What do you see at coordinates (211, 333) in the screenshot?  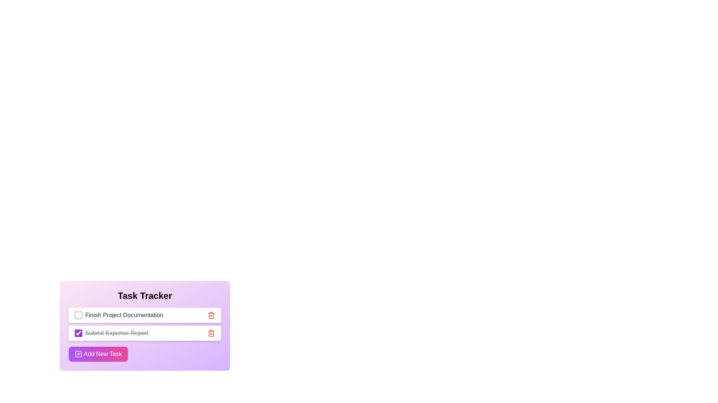 I see `the delete button (trashcan icon) associated with the 'Submit Expense Report' task to prepare for deletion` at bounding box center [211, 333].